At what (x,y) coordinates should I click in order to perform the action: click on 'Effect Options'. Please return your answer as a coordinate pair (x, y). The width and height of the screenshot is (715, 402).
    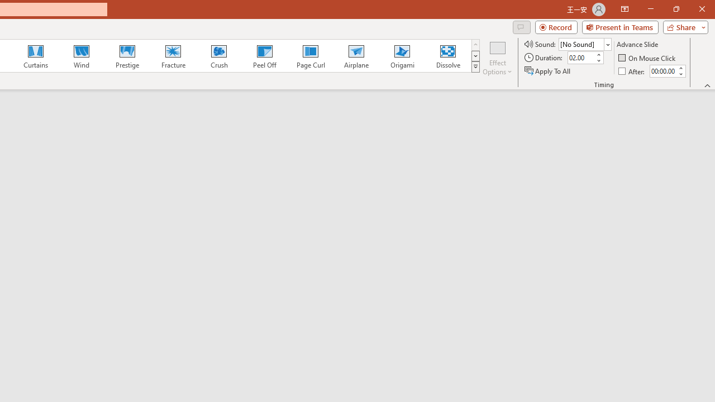
    Looking at the image, I should click on (497, 58).